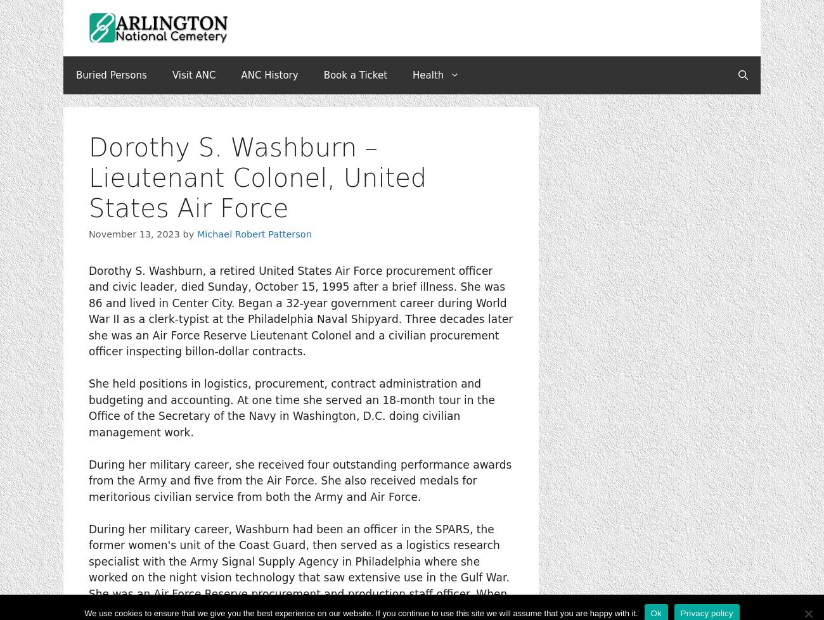 Image resolution: width=824 pixels, height=620 pixels. What do you see at coordinates (410, 321) in the screenshot?
I see `'error:'` at bounding box center [410, 321].